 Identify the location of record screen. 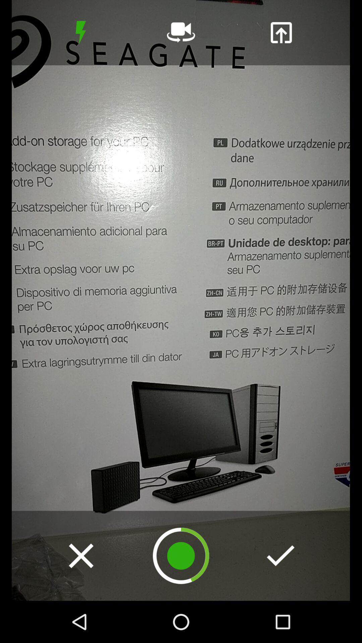
(181, 556).